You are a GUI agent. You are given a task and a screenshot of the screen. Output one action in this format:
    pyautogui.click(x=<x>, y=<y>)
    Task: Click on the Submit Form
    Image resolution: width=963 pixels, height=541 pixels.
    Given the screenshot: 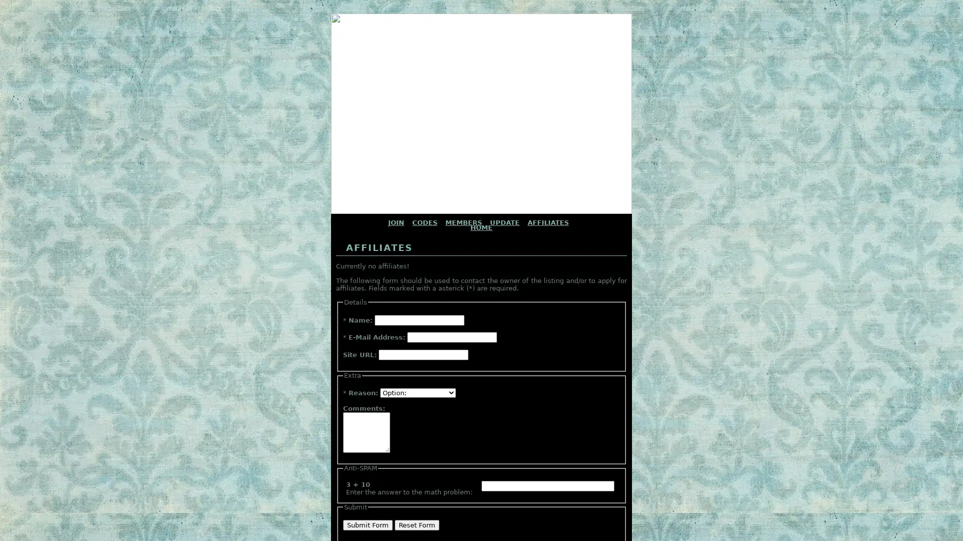 What is the action you would take?
    pyautogui.click(x=367, y=524)
    